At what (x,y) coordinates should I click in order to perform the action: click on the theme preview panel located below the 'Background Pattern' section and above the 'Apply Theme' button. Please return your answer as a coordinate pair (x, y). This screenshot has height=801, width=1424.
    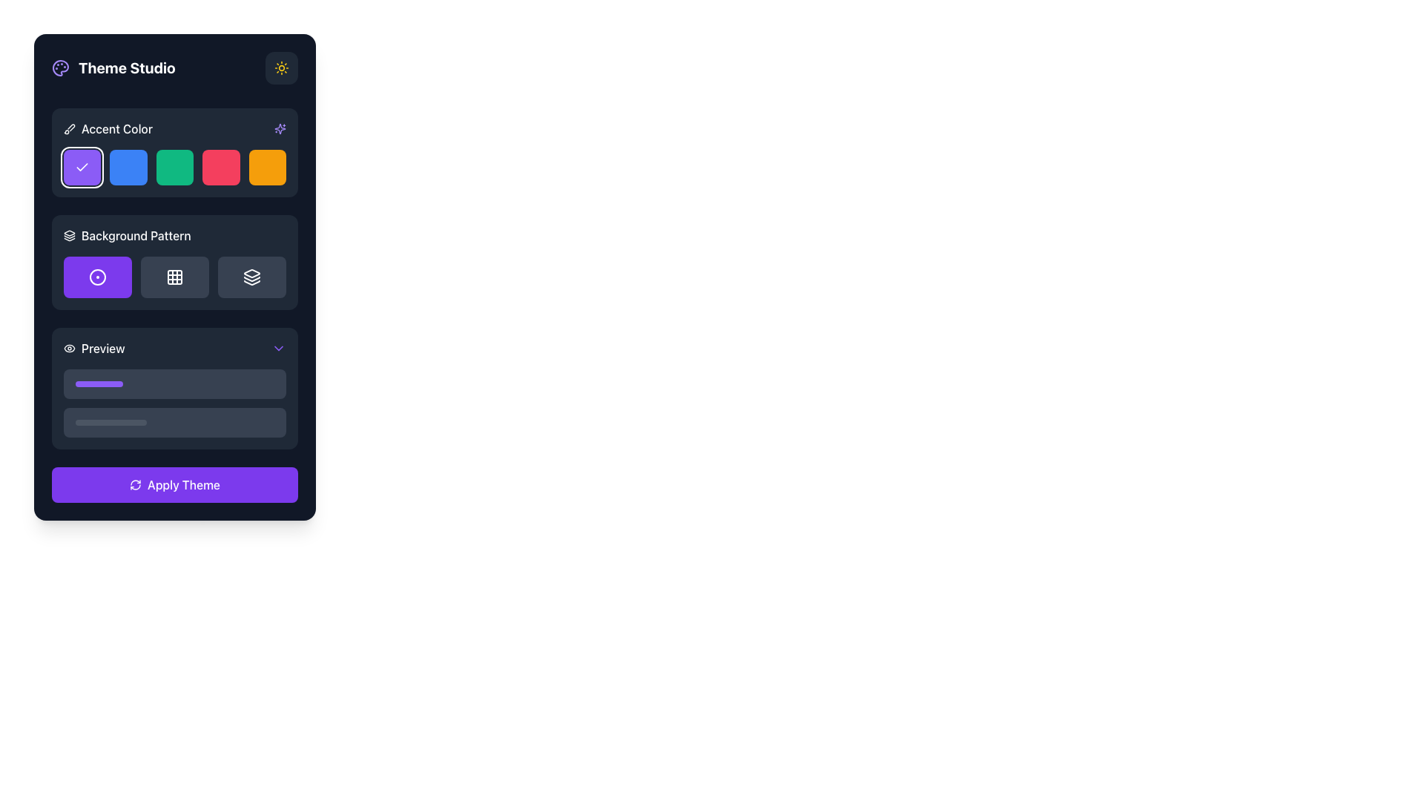
    Looking at the image, I should click on (174, 388).